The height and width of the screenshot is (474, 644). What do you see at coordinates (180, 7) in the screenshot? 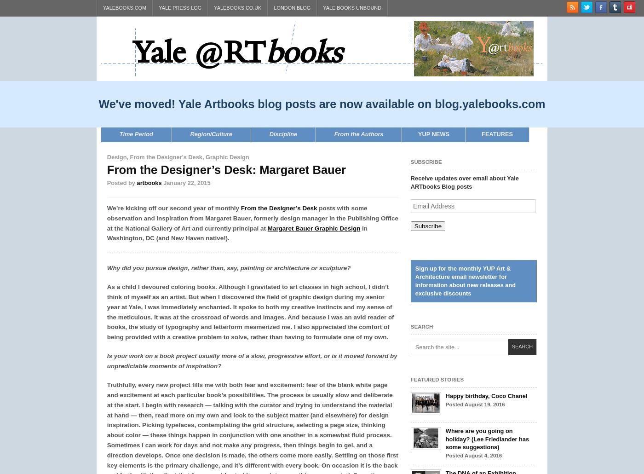
I see `'Yale Press Log'` at bounding box center [180, 7].